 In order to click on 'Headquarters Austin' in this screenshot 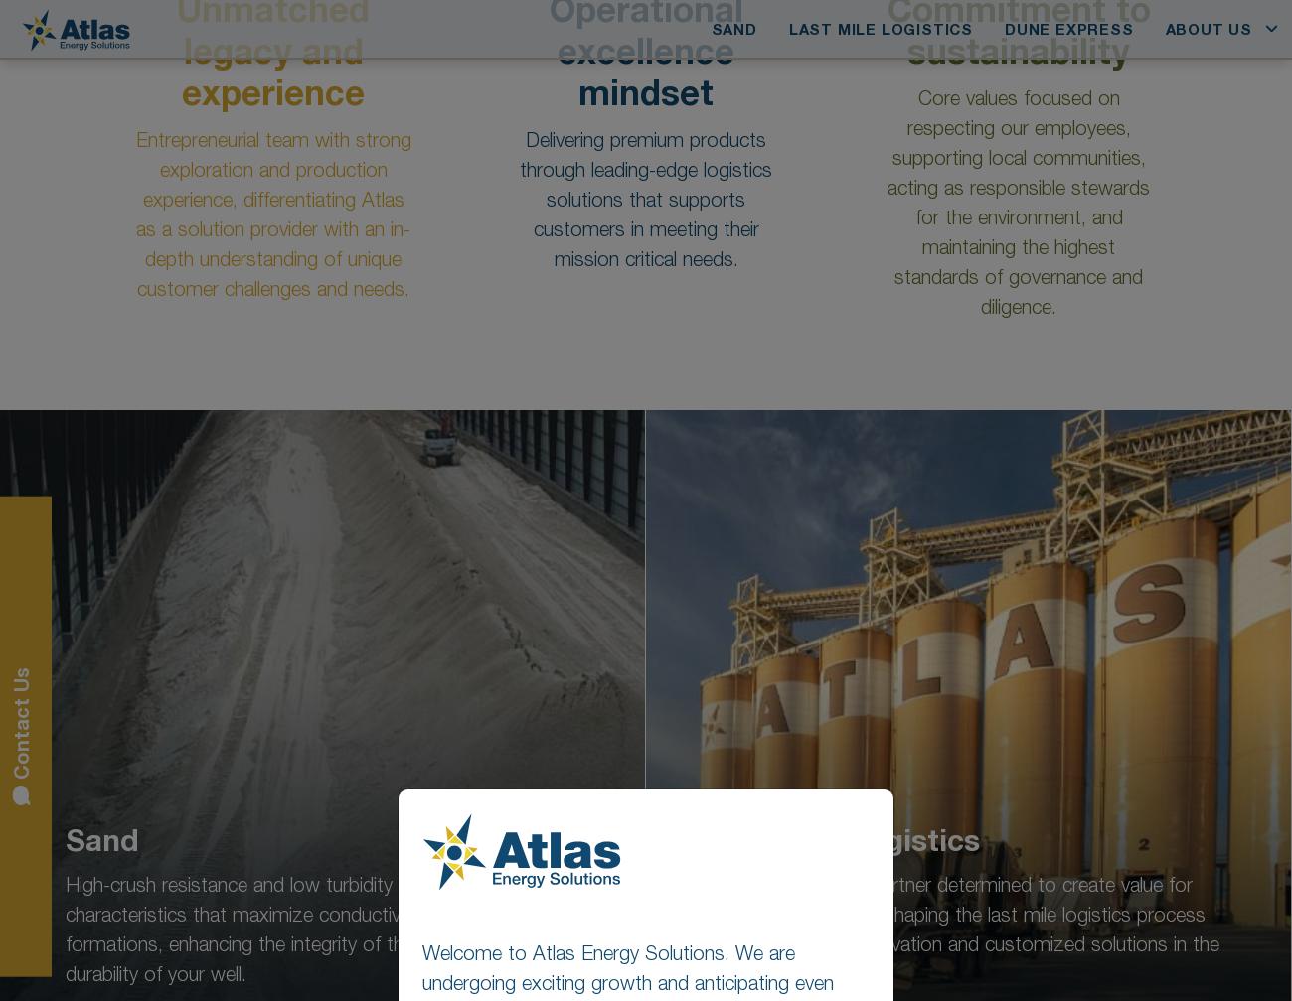, I will do `click(387, 789)`.